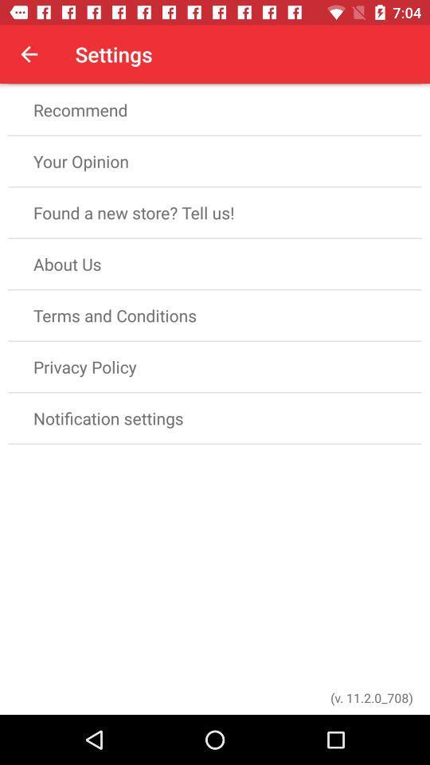 Image resolution: width=430 pixels, height=765 pixels. What do you see at coordinates (215, 211) in the screenshot?
I see `item below the your opinion` at bounding box center [215, 211].